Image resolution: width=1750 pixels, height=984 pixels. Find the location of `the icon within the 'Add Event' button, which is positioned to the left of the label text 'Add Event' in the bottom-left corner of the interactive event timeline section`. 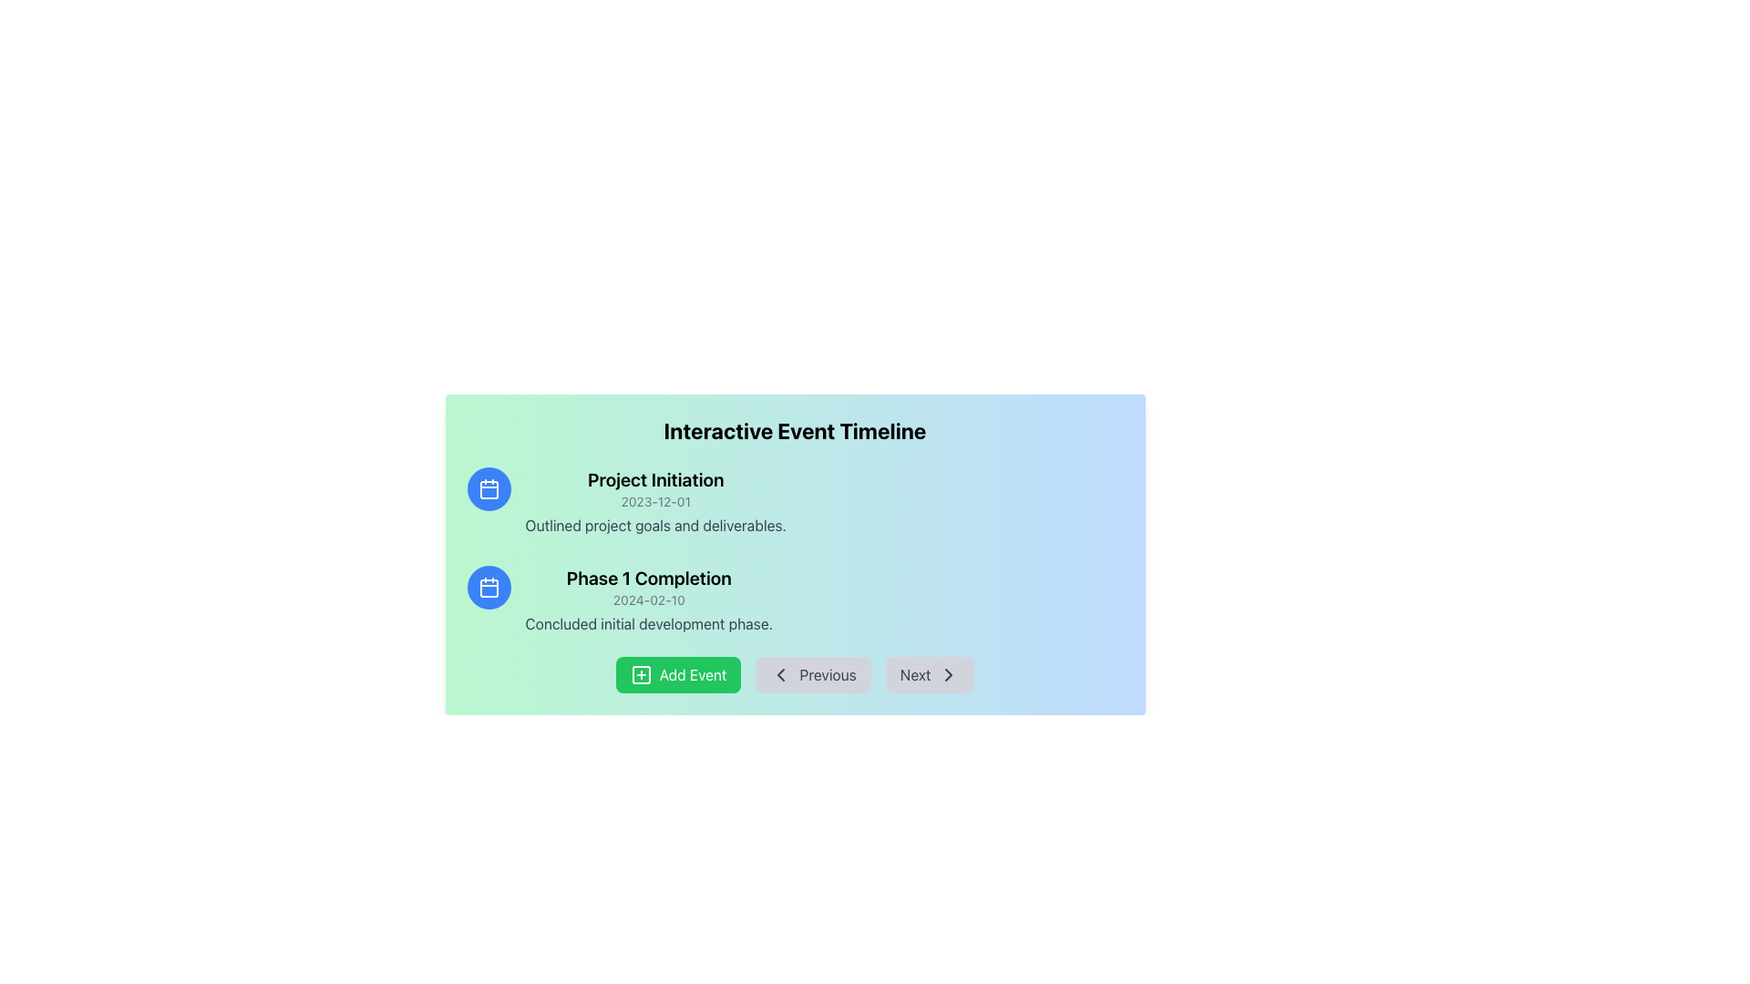

the icon within the 'Add Event' button, which is positioned to the left of the label text 'Add Event' in the bottom-left corner of the interactive event timeline section is located at coordinates (641, 674).